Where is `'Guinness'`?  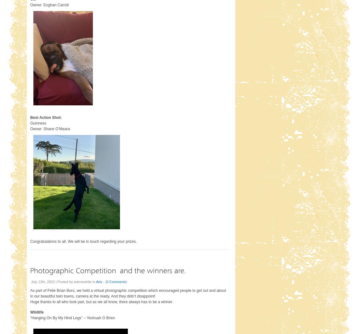 'Guinness' is located at coordinates (30, 123).